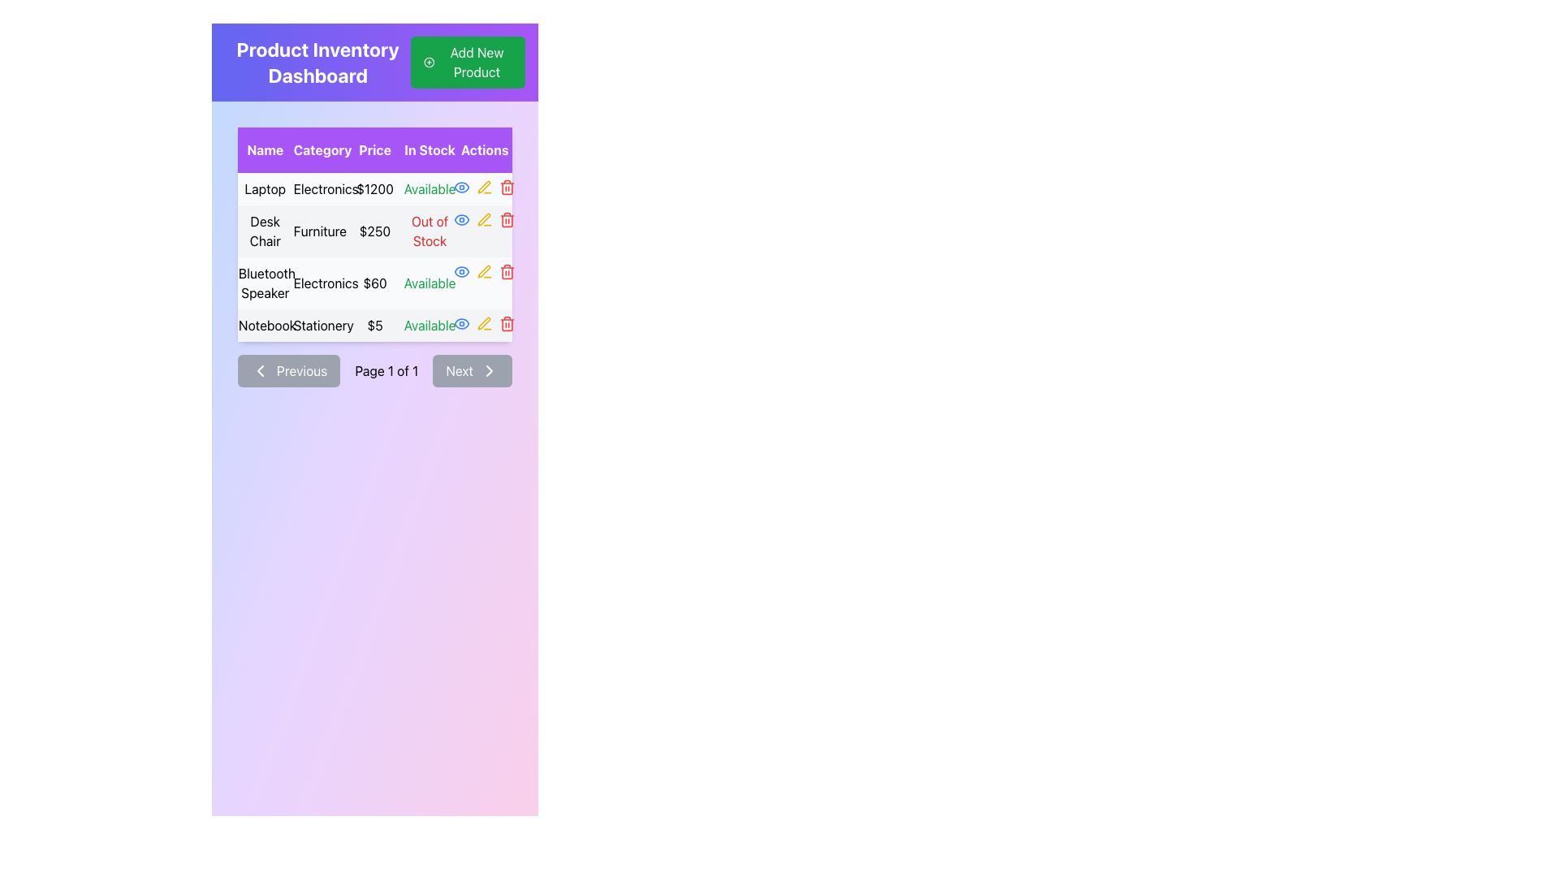 This screenshot has width=1559, height=877. I want to click on the 'Next' button with a gray background and a right-pointing chevron icon, so click(472, 370).